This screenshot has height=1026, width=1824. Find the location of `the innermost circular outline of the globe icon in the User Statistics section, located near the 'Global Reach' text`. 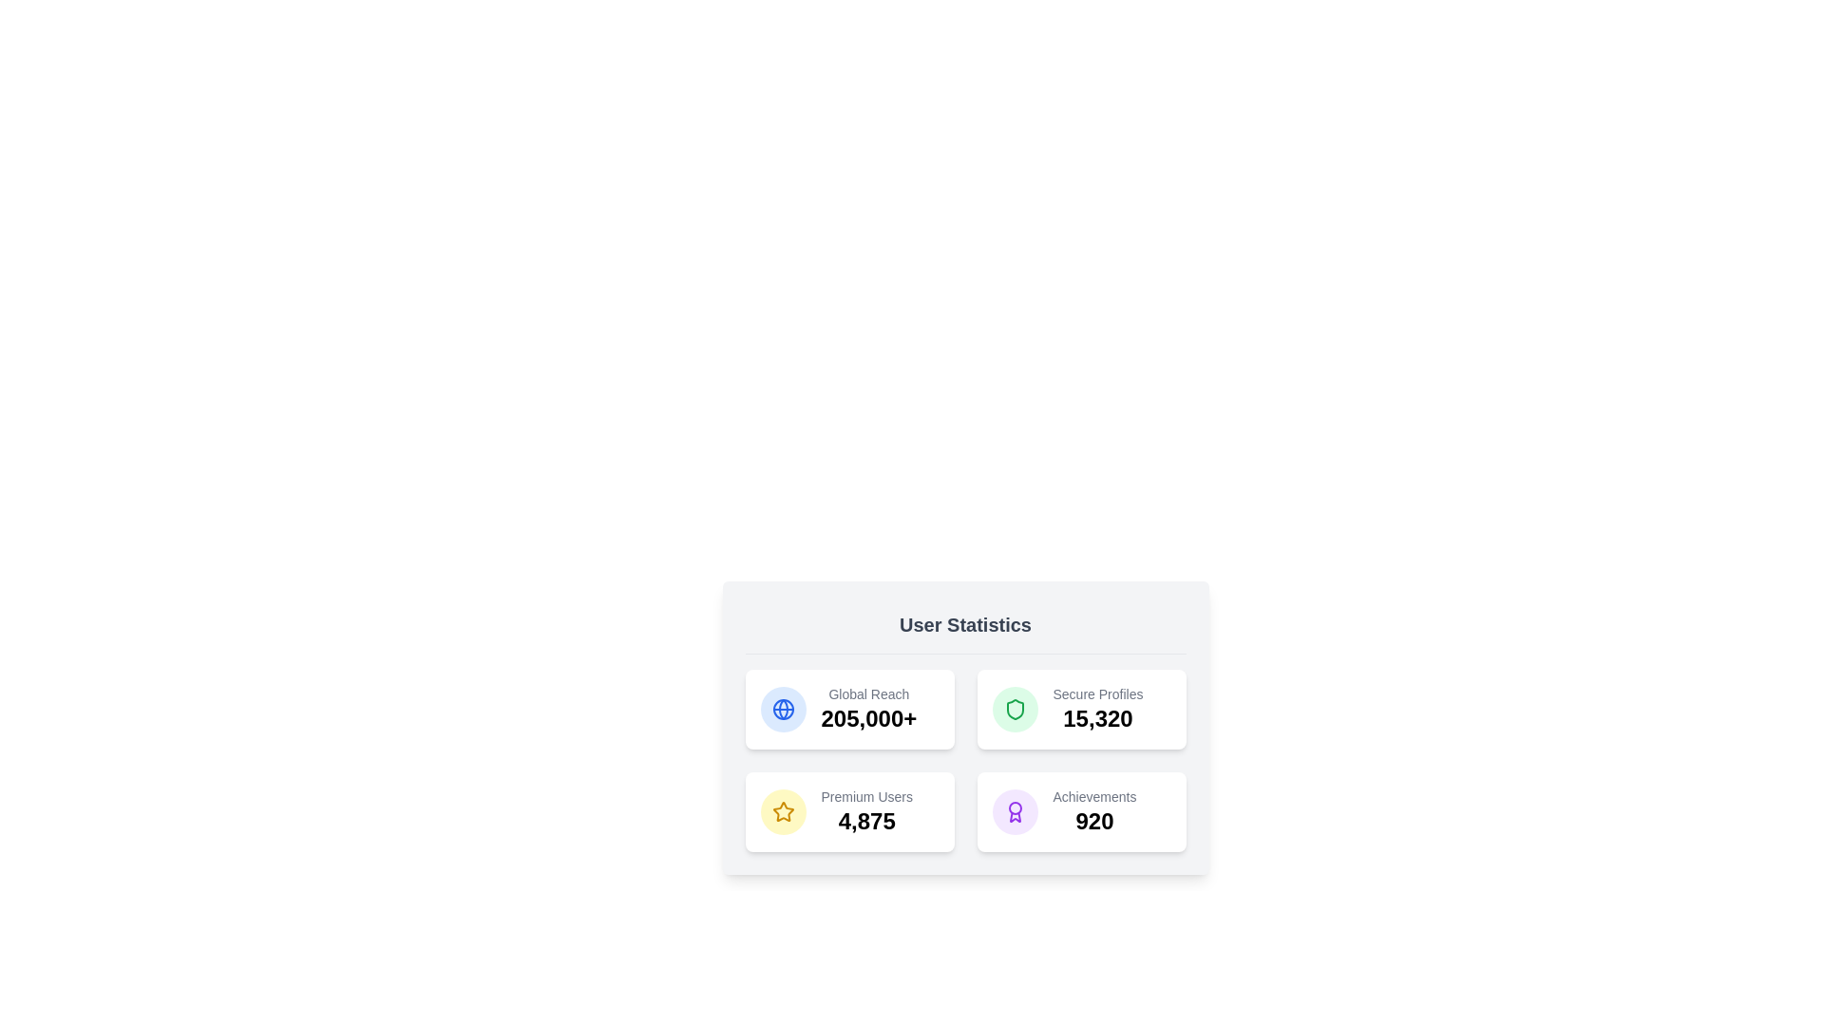

the innermost circular outline of the globe icon in the User Statistics section, located near the 'Global Reach' text is located at coordinates (783, 710).